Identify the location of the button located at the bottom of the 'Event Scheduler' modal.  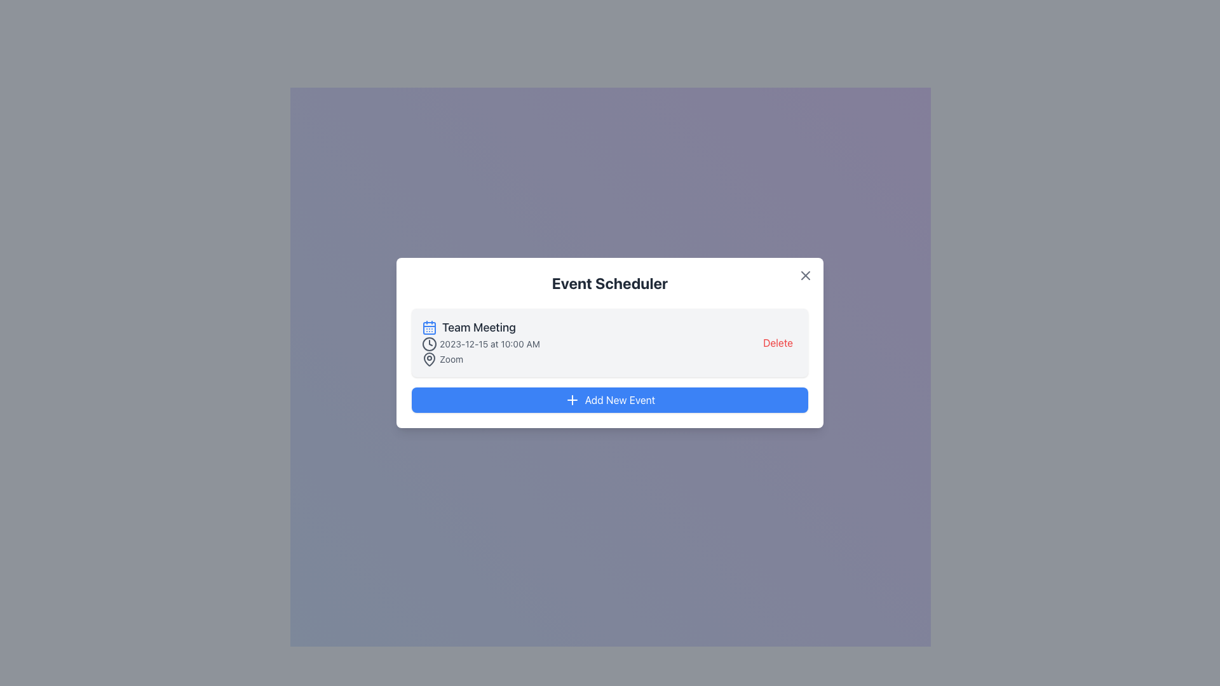
(610, 399).